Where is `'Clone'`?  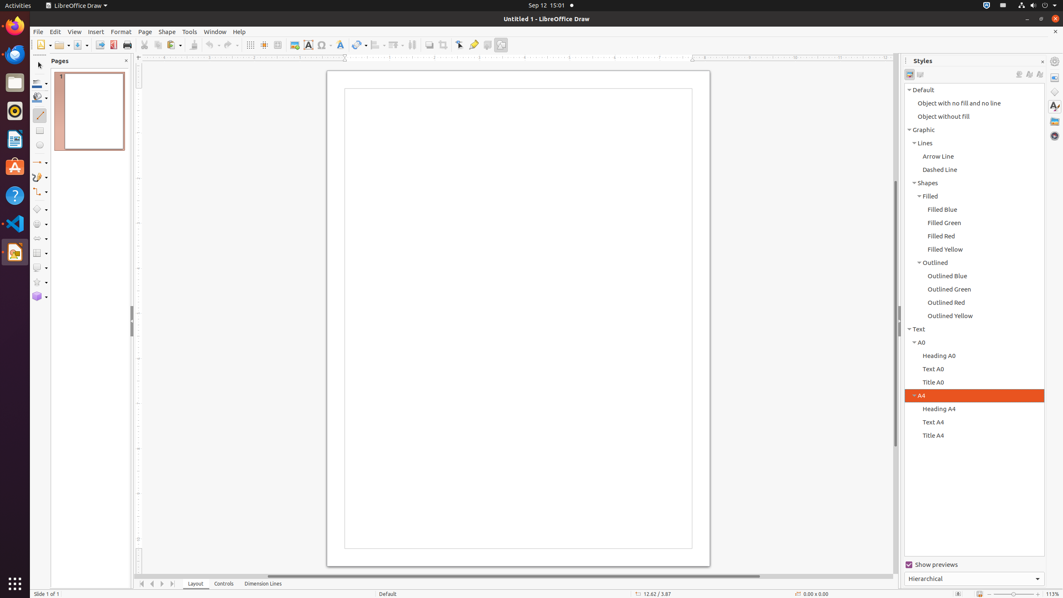 'Clone' is located at coordinates (193, 44).